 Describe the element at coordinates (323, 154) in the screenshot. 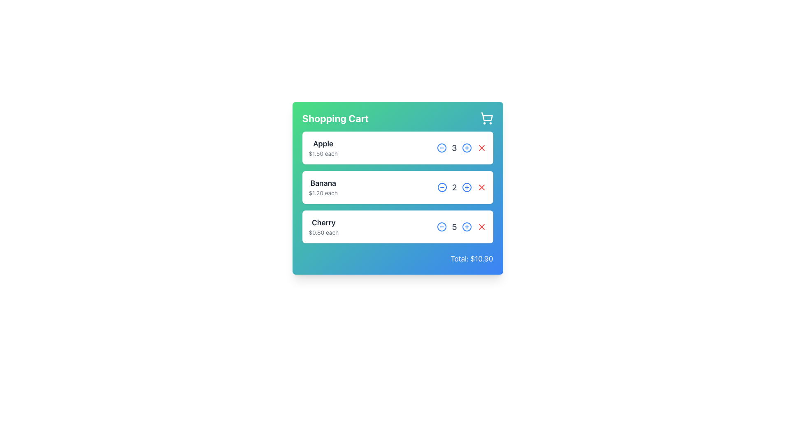

I see `the text label displaying '$1.50 each', which is styled in gray and located below the 'Apple' title in the shopping cart section` at that location.